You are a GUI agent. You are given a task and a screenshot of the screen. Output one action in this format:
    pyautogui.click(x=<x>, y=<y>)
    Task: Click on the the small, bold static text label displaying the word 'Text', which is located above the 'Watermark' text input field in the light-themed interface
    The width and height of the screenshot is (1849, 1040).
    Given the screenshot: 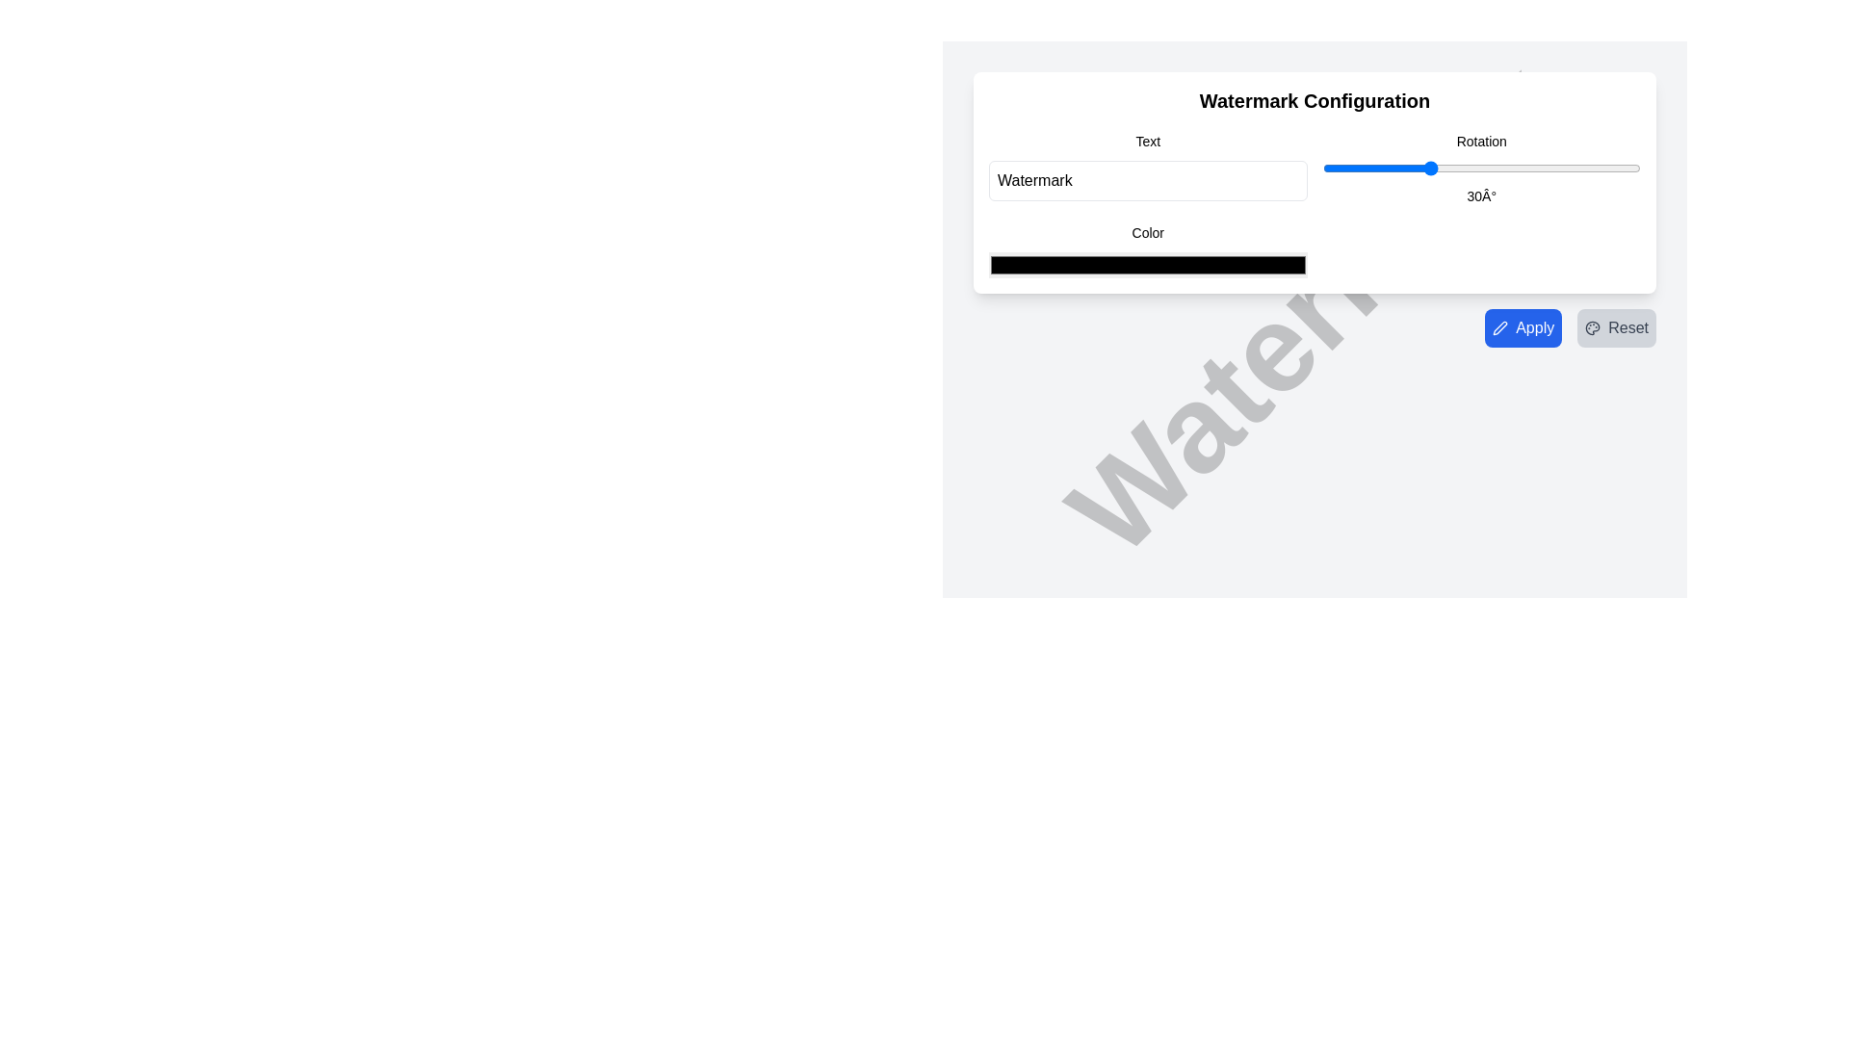 What is the action you would take?
    pyautogui.click(x=1148, y=140)
    